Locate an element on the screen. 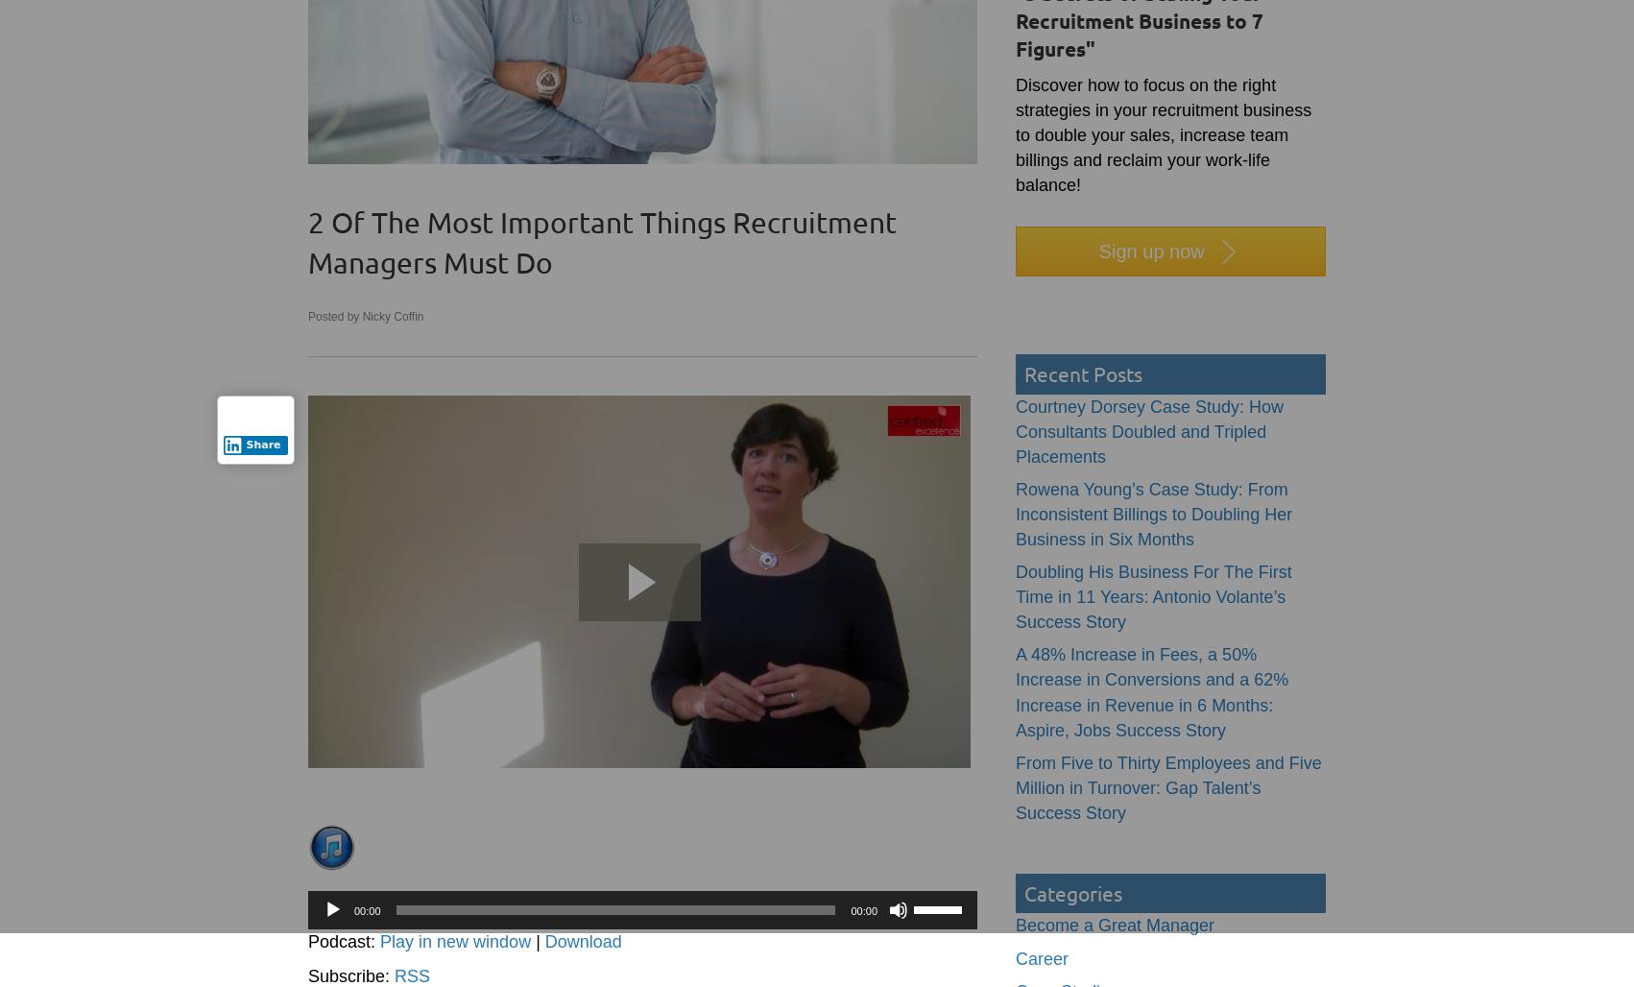 Image resolution: width=1634 pixels, height=987 pixels. 'Sign up now' is located at coordinates (1151, 252).